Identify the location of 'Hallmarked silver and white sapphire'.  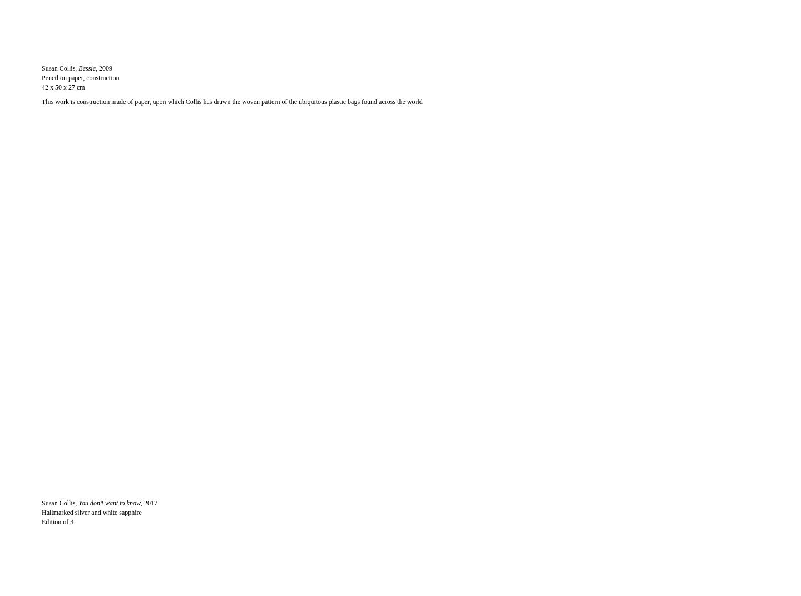
(91, 511).